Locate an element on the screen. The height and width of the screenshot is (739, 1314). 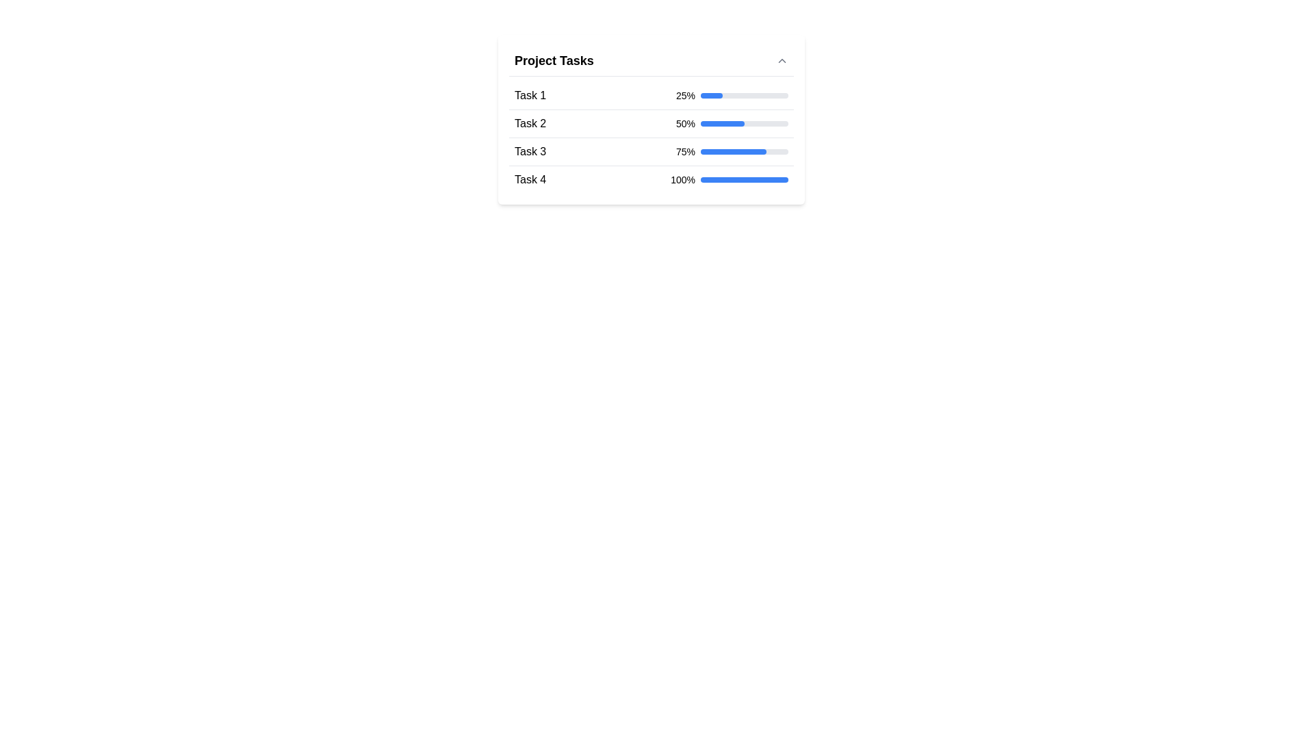
the text label displaying '75%' which indicates the progress of Task 3 in the third row of the task list is located at coordinates (686, 152).